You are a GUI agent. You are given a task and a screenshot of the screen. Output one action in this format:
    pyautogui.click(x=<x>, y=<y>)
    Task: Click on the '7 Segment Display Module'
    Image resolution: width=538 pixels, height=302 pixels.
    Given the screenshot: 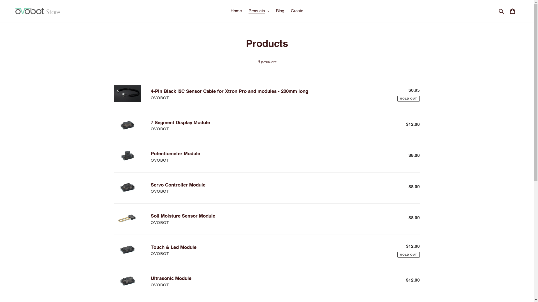 What is the action you would take?
    pyautogui.click(x=114, y=125)
    